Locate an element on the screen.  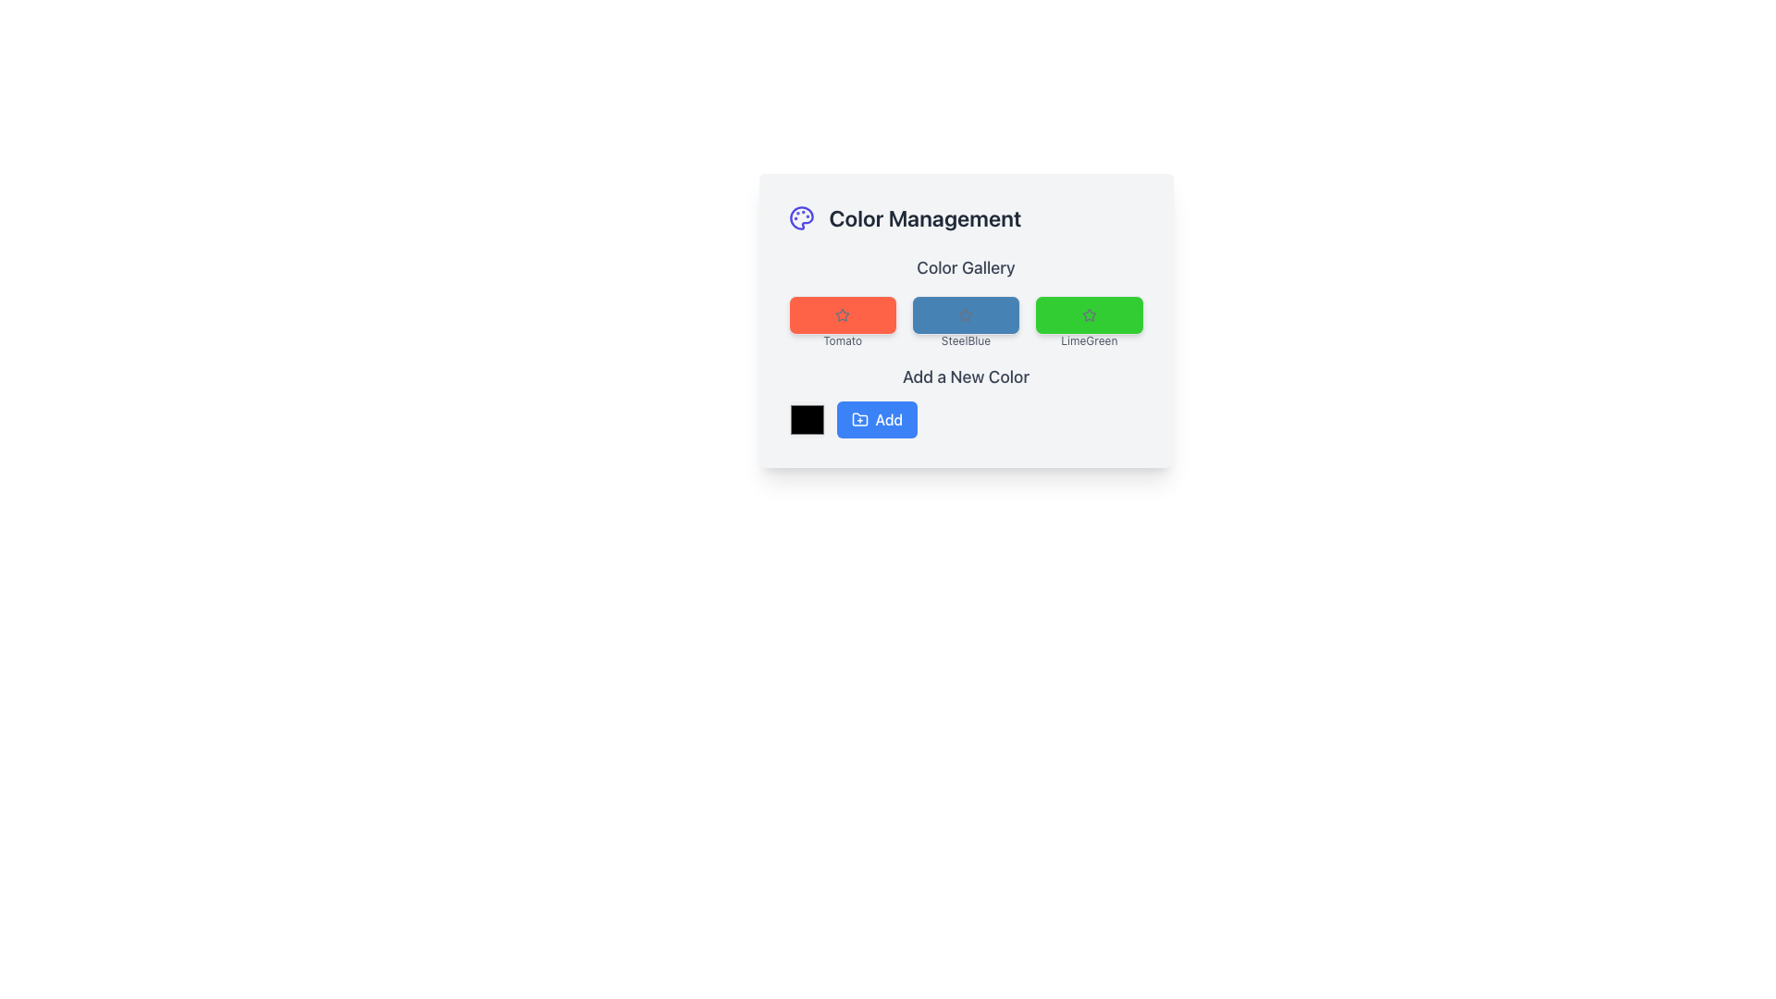
the 'Tomato' color selection button in the Color Gallery section of the color management interface is located at coordinates (842, 314).